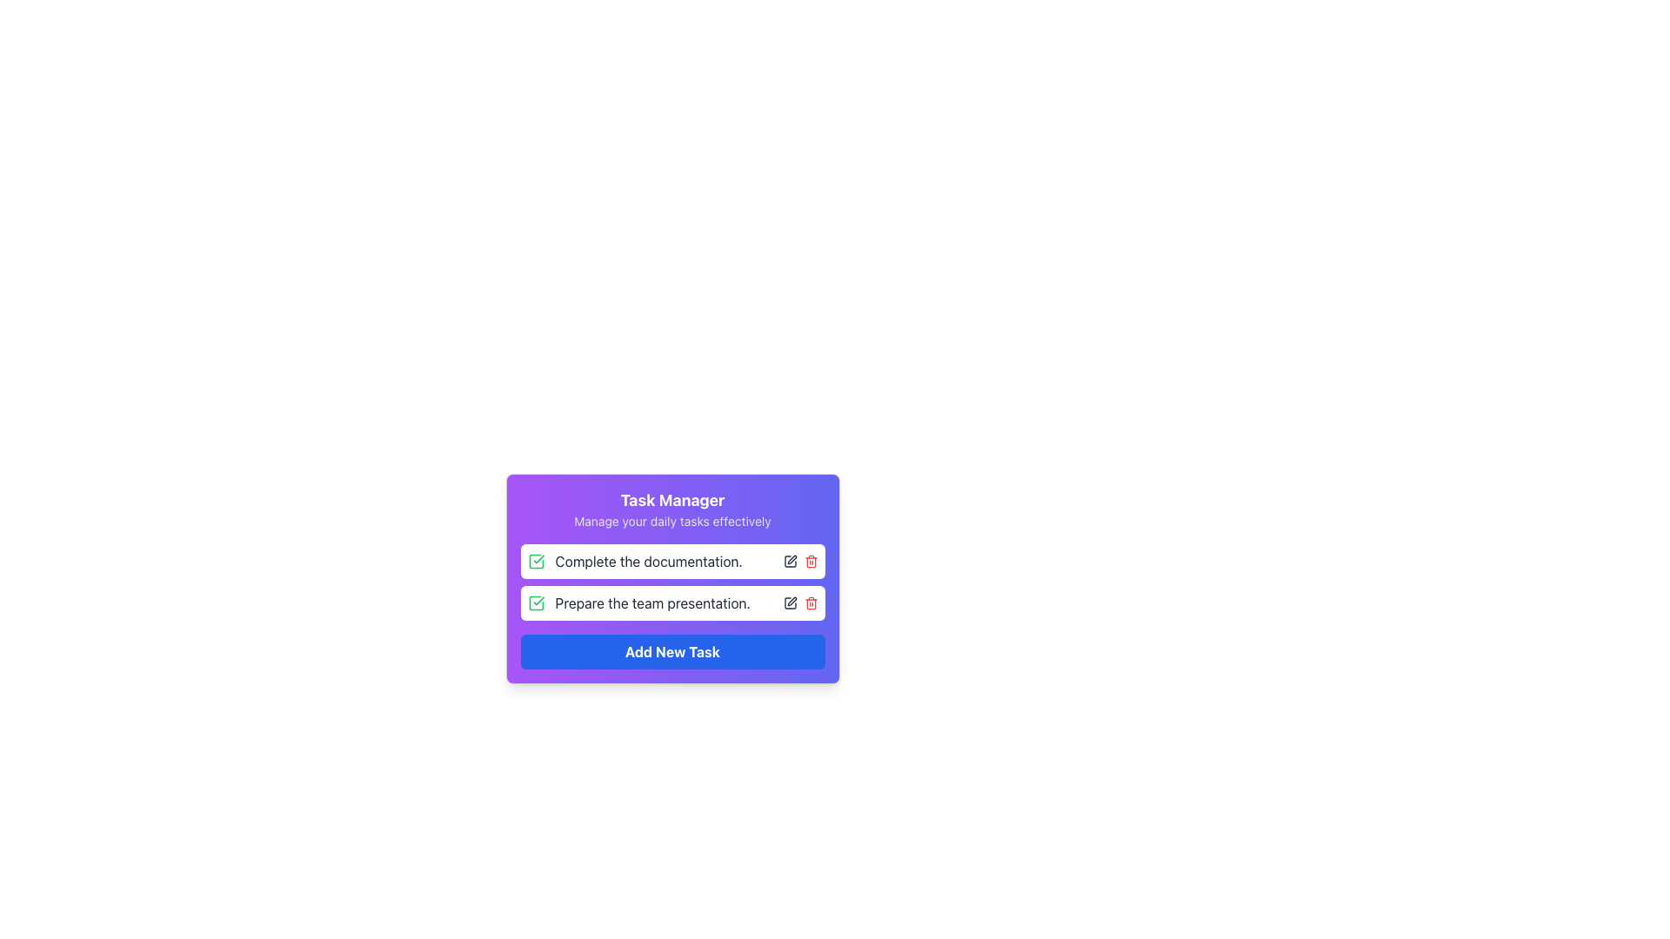 This screenshot has height=939, width=1670. Describe the element at coordinates (791, 600) in the screenshot. I see `the edit icon button, which is a vector icon of a pen tilted diagonally, located to the right of a task label in the interface` at that location.